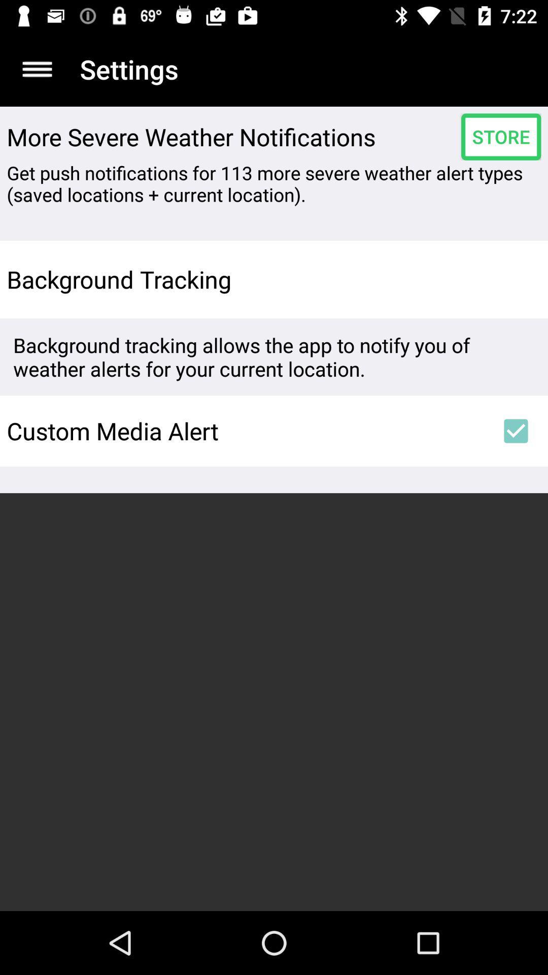 The height and width of the screenshot is (975, 548). I want to click on icon next to custom media alert, so click(516, 431).